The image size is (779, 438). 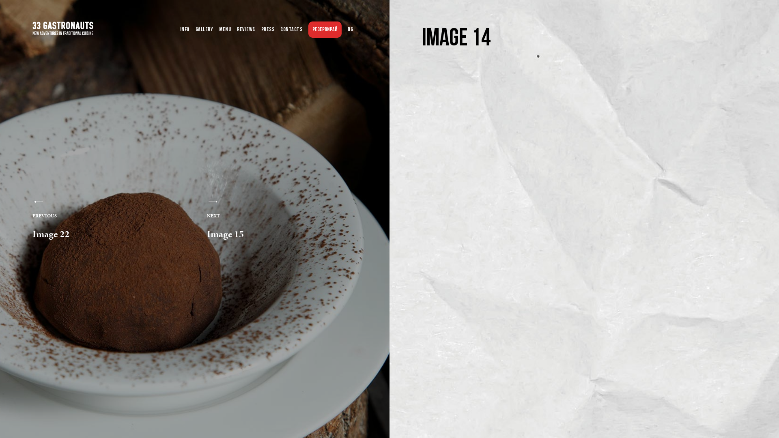 I want to click on 'BG', so click(x=350, y=29).